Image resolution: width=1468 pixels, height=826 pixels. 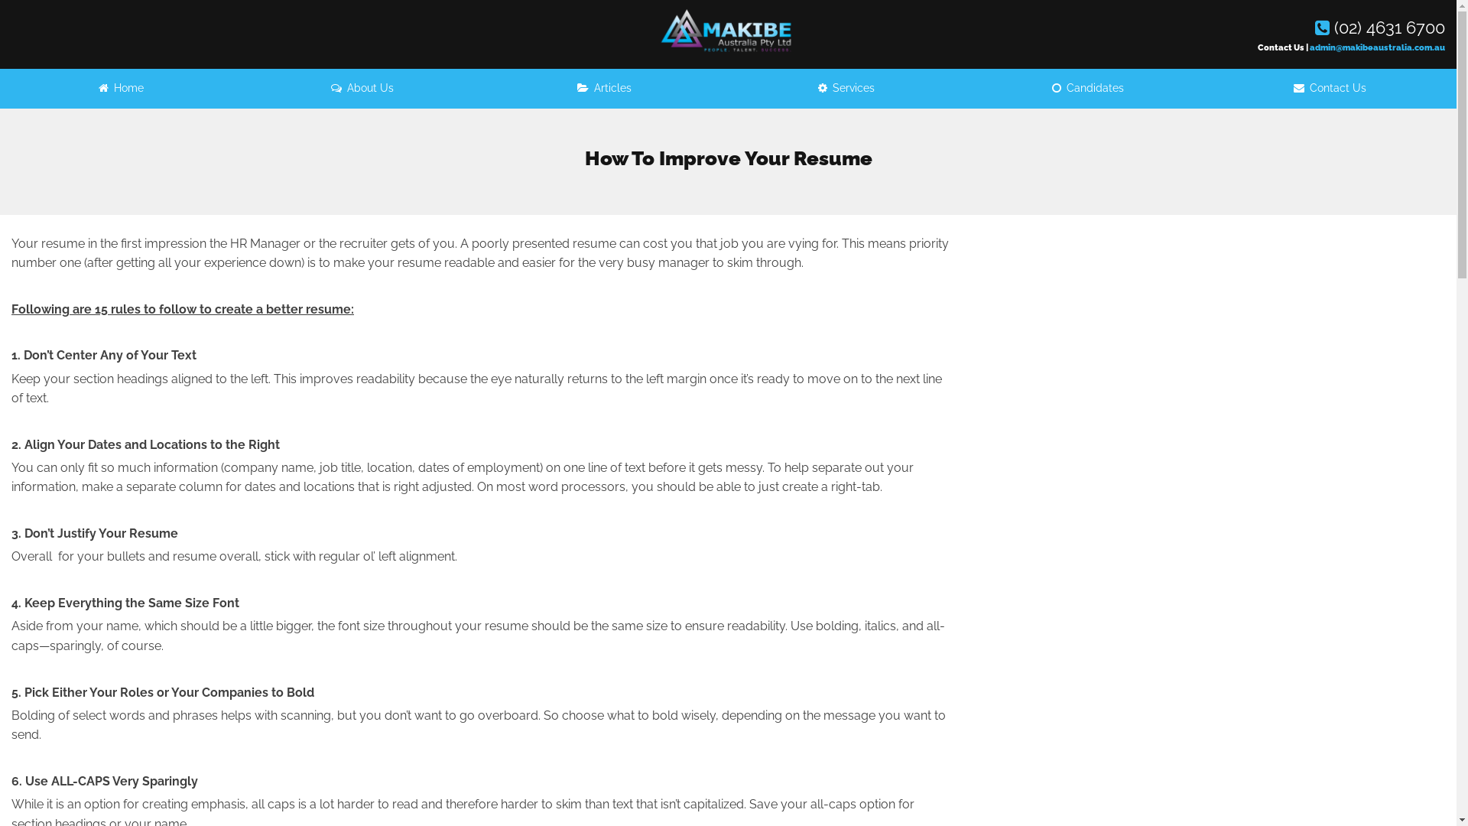 What do you see at coordinates (846, 88) in the screenshot?
I see `'Services'` at bounding box center [846, 88].